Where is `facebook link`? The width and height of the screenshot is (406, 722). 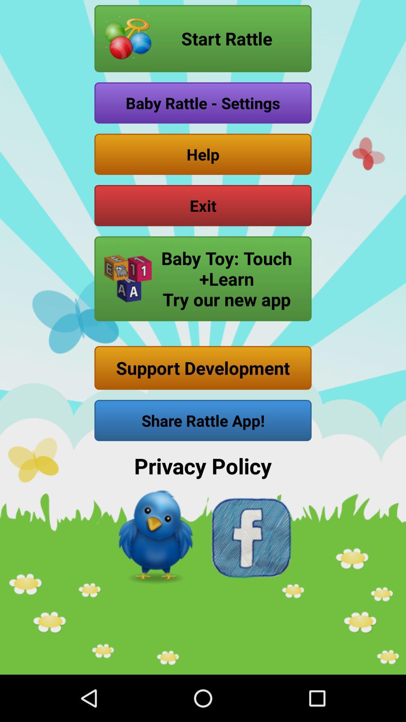
facebook link is located at coordinates (250, 537).